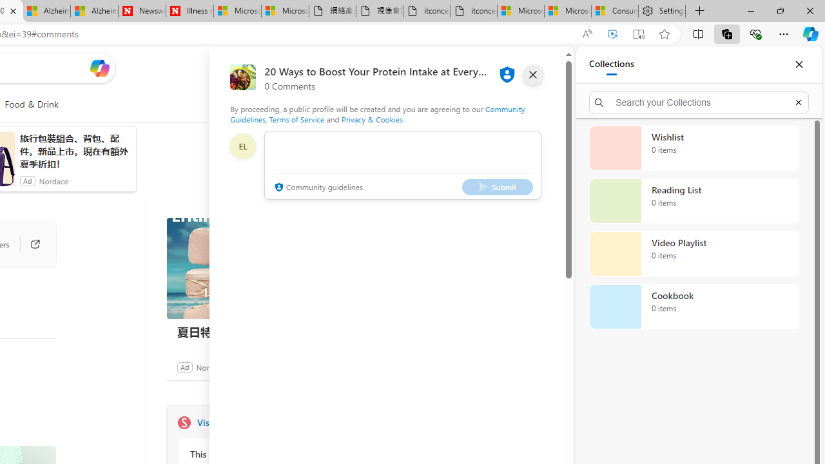 This screenshot has width=825, height=464. Describe the element at coordinates (189, 11) in the screenshot. I see `'Illness news & latest pictures from Newsweek.com'` at that location.